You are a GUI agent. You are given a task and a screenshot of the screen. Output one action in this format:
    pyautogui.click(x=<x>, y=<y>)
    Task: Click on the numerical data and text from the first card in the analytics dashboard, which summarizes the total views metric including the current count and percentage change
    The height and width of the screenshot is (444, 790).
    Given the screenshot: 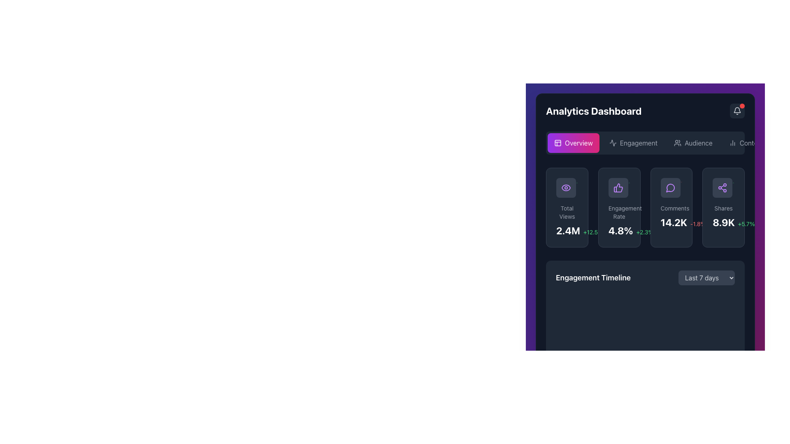 What is the action you would take?
    pyautogui.click(x=567, y=207)
    